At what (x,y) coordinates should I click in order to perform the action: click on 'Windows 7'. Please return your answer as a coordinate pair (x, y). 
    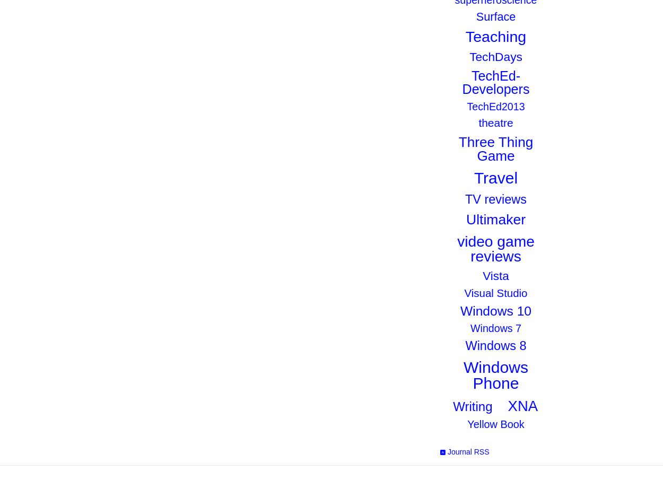
    Looking at the image, I should click on (495, 328).